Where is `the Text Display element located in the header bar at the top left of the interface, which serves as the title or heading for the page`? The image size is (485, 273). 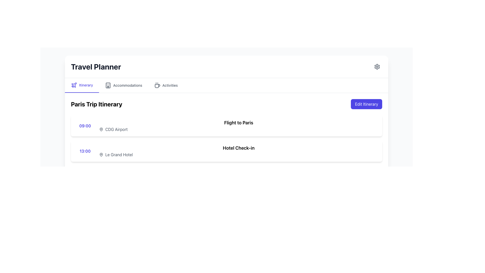 the Text Display element located in the header bar at the top left of the interface, which serves as the title or heading for the page is located at coordinates (96, 66).